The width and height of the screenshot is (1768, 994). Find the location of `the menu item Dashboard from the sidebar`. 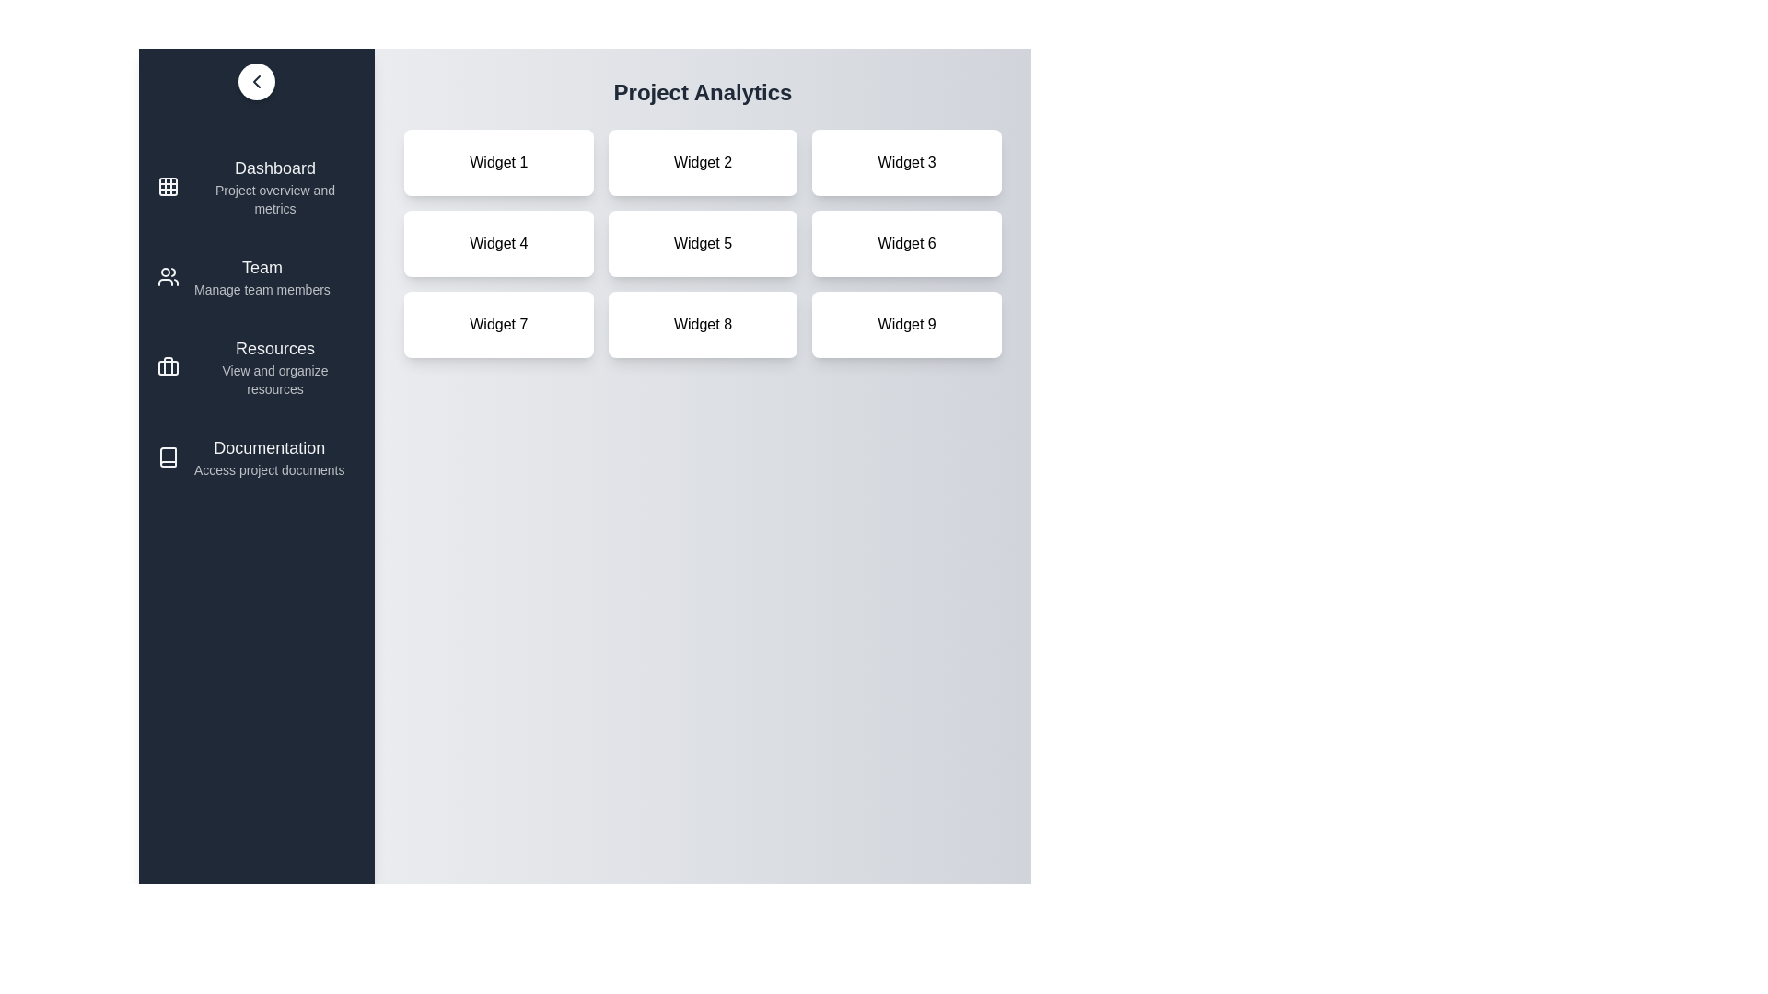

the menu item Dashboard from the sidebar is located at coordinates (255, 187).